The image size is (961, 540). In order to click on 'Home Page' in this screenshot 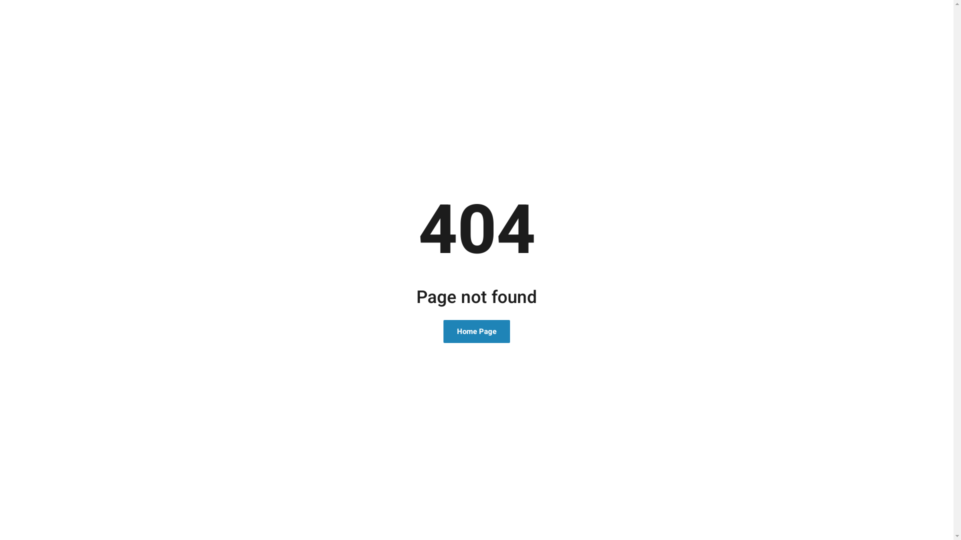, I will do `click(476, 331)`.